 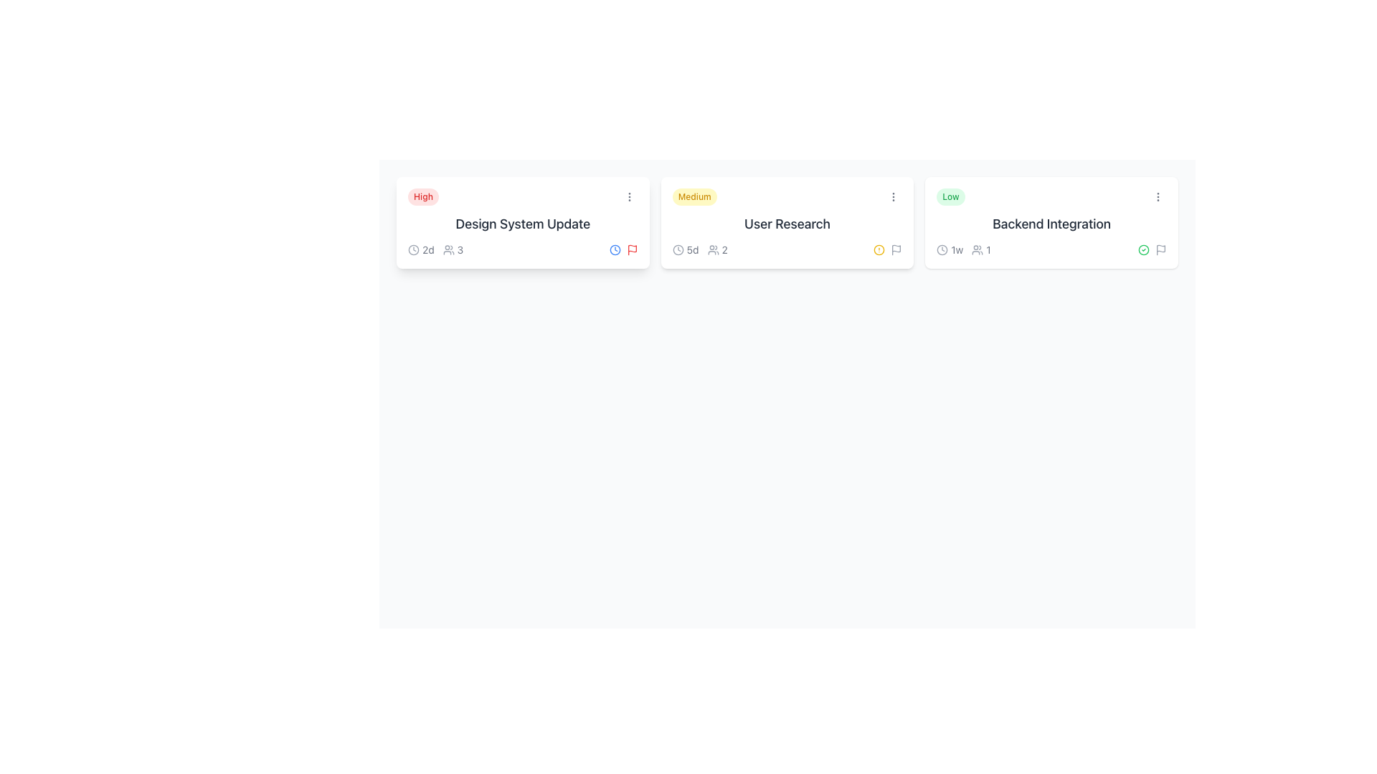 What do you see at coordinates (1051, 224) in the screenshot?
I see `the static text element displaying 'Backend Integration', which is located near the top center of the rightmost card in a grid layout` at bounding box center [1051, 224].